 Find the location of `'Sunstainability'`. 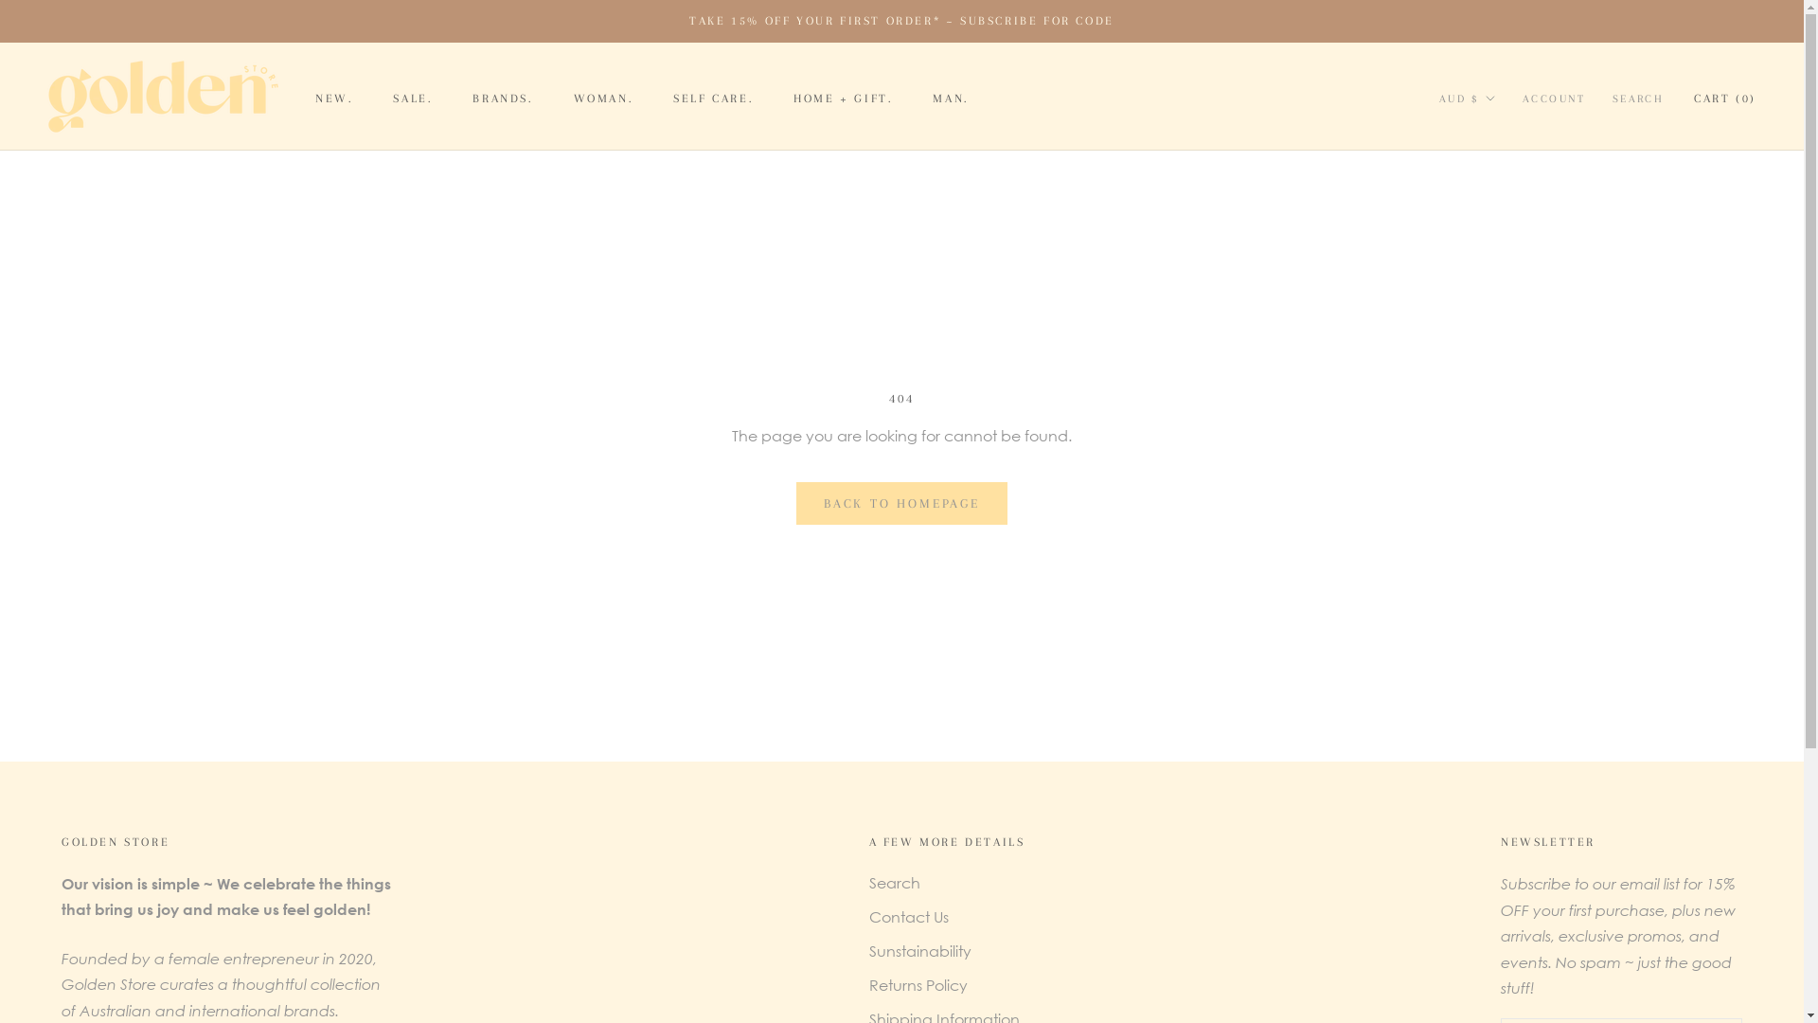

'Sunstainability' is located at coordinates (947, 950).